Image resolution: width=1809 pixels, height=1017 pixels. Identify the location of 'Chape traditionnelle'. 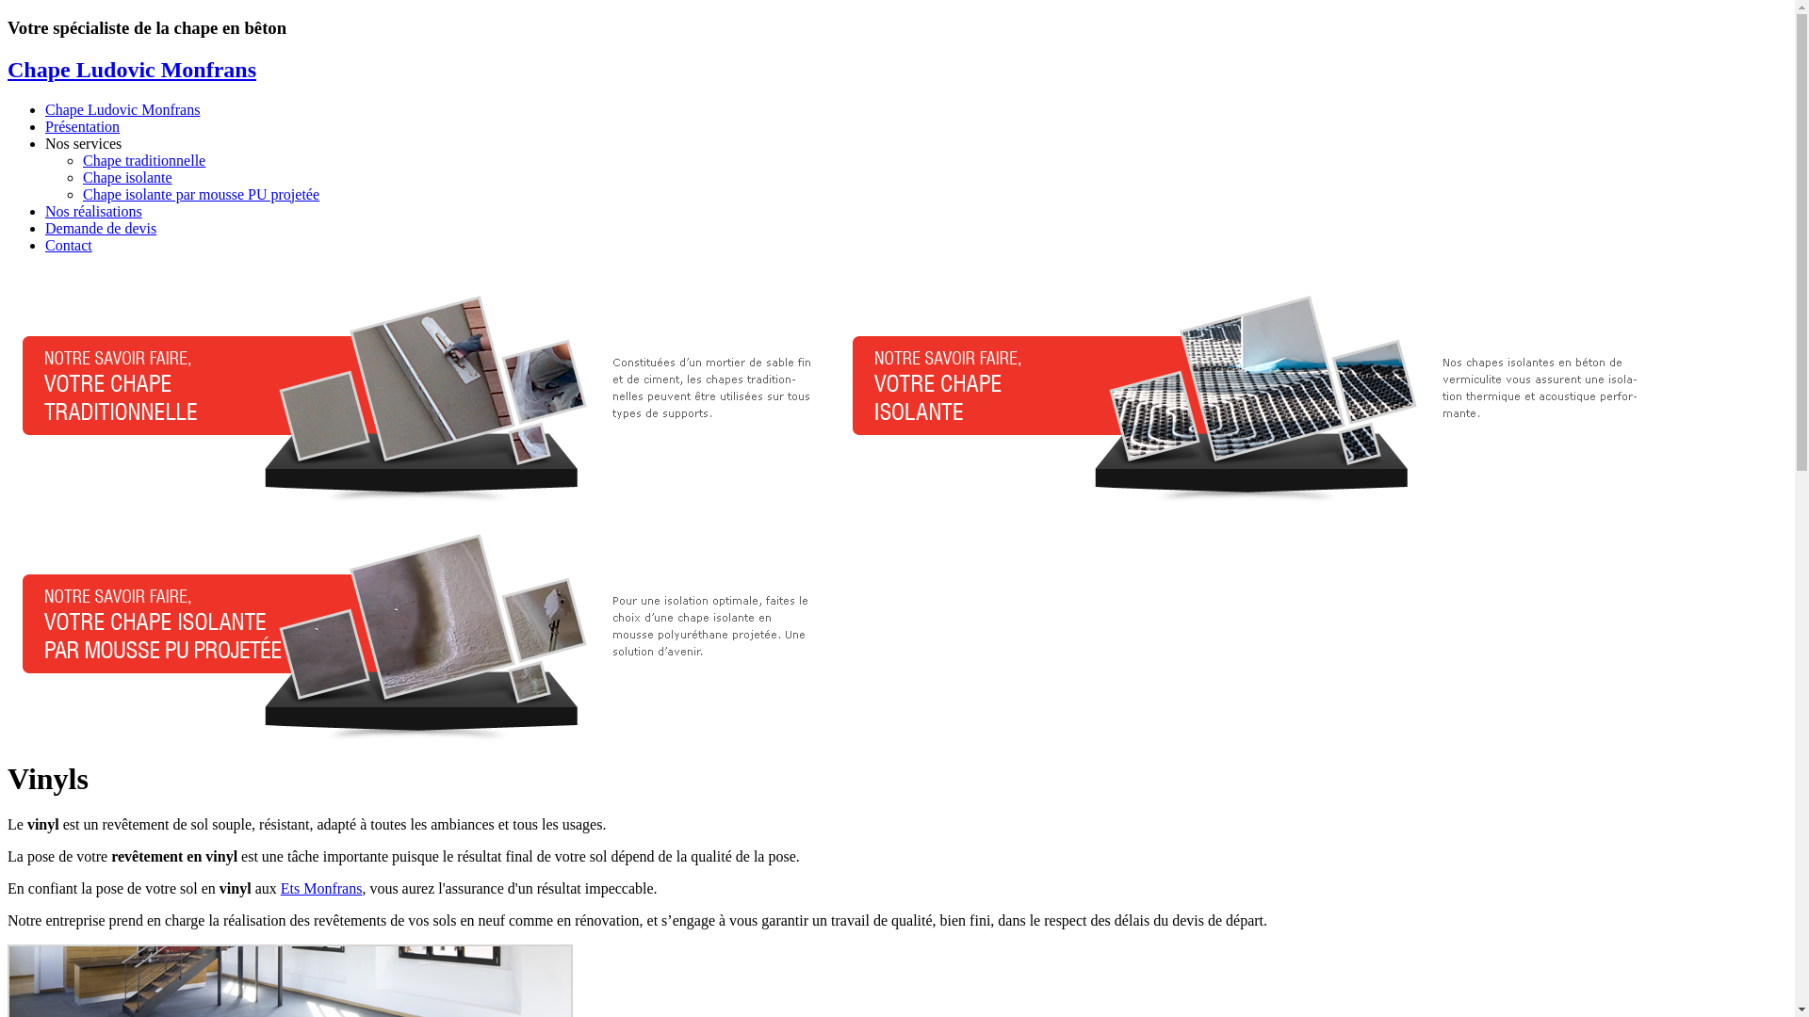
(143, 159).